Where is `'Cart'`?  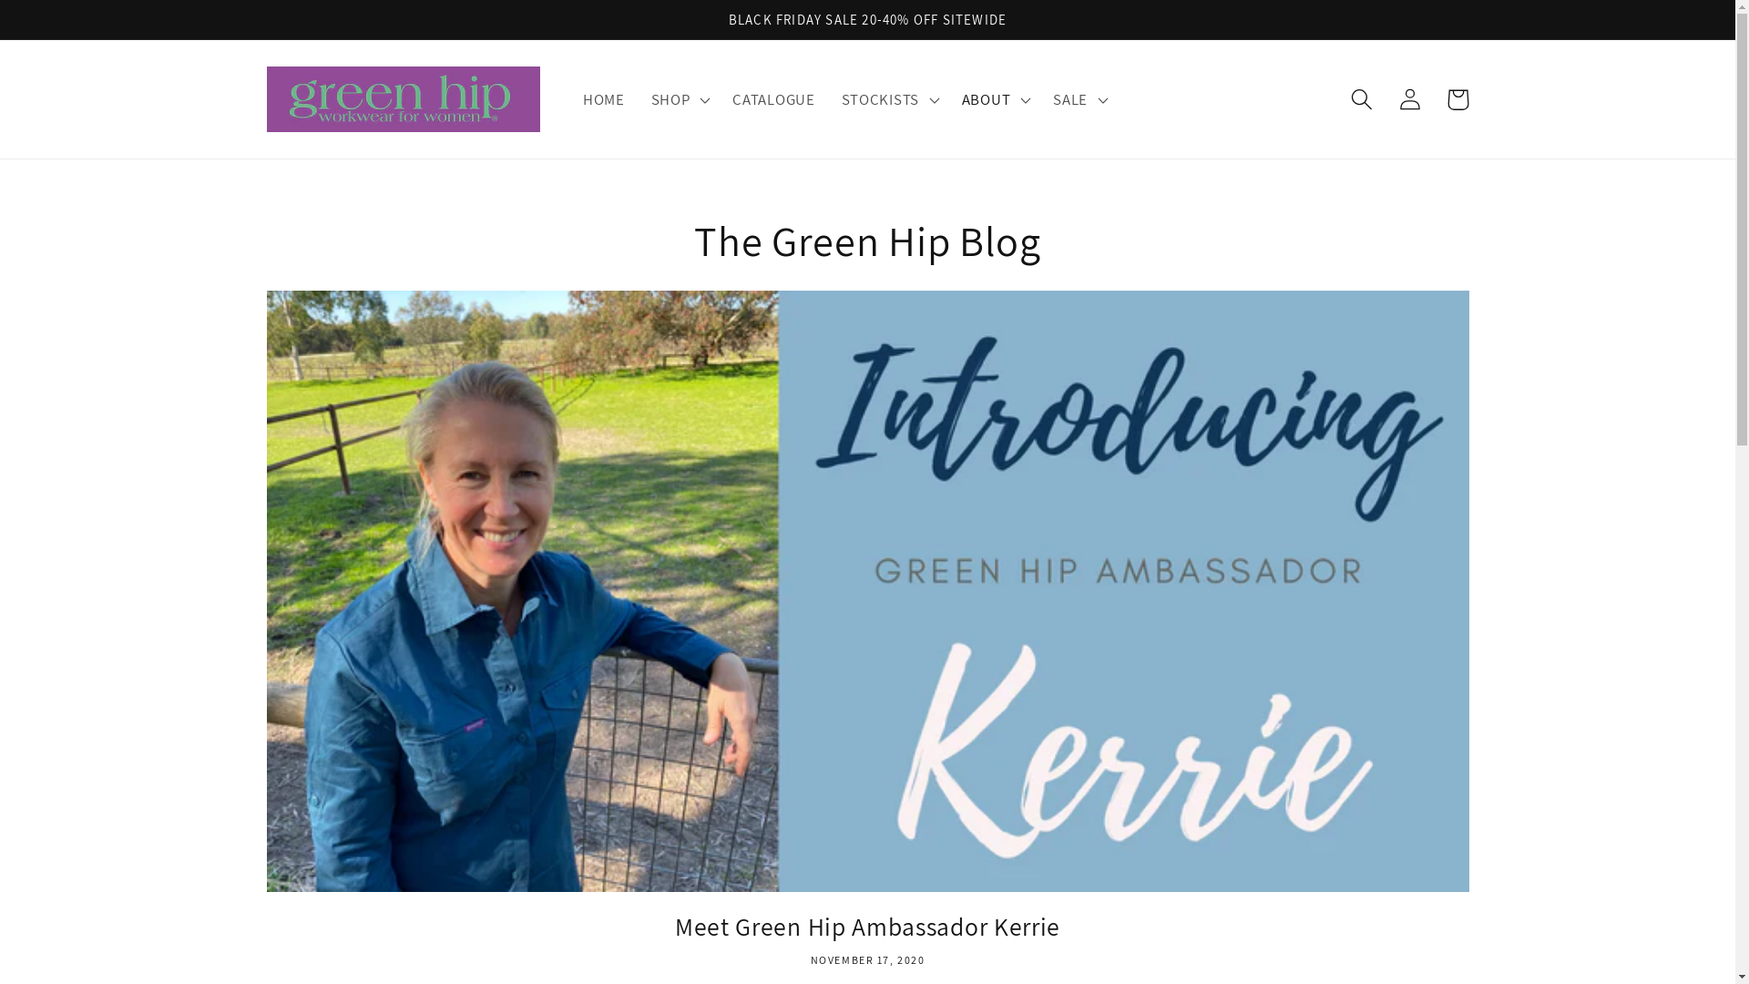
'Cart' is located at coordinates (1457, 99).